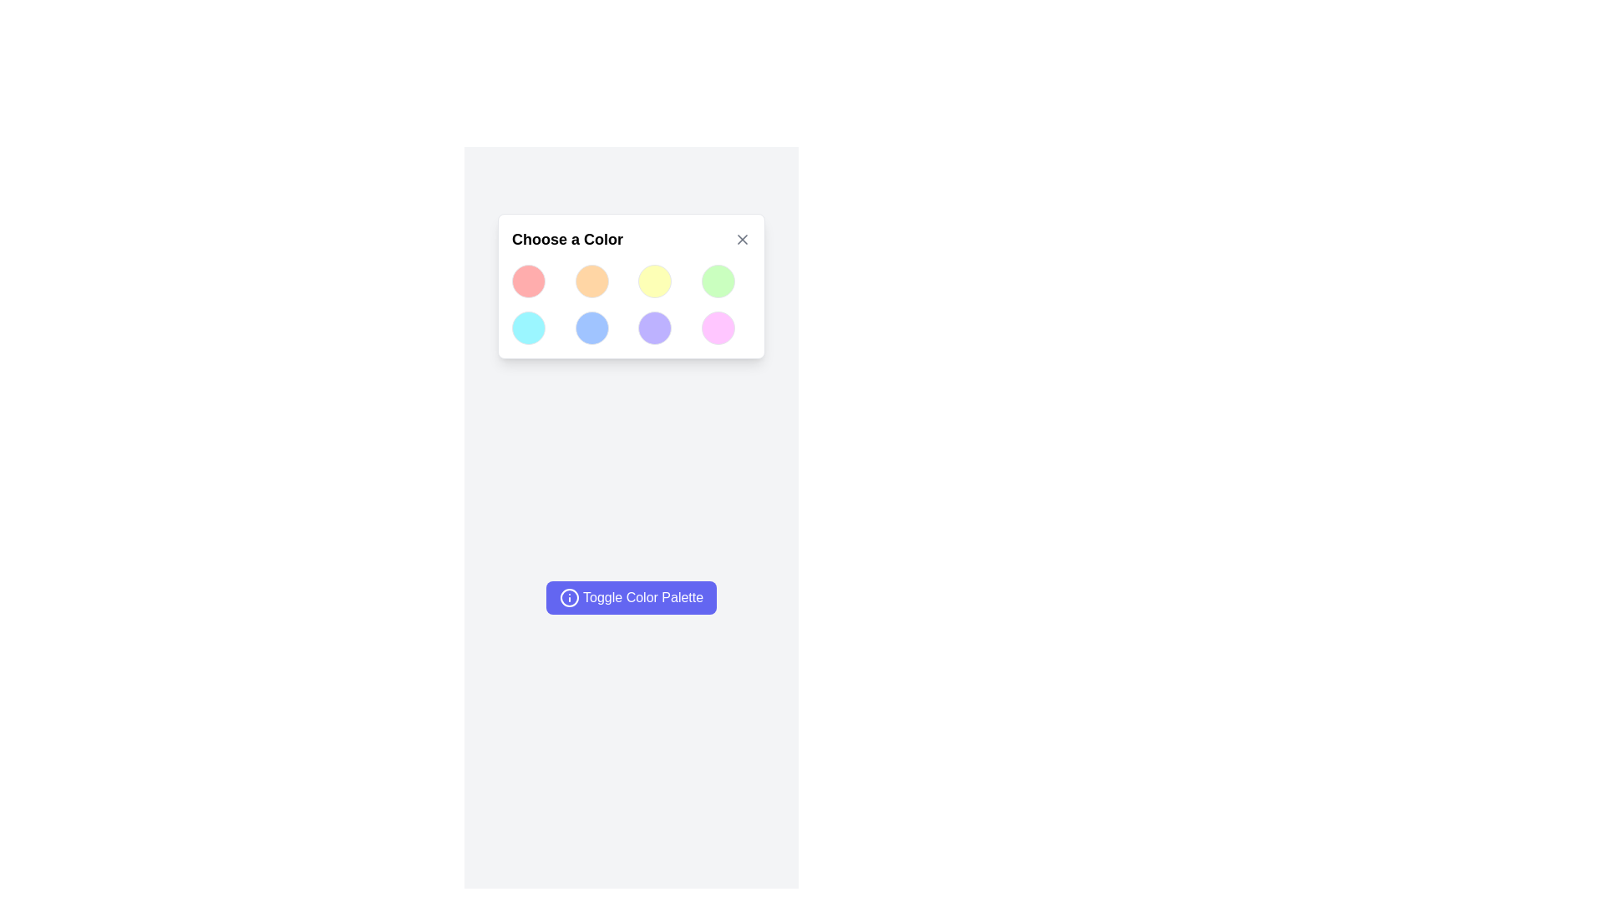 This screenshot has height=902, width=1604. I want to click on the 'X' mark icon in the top-right corner of the color selection interface, next to the title 'Choose a Color', so click(741, 239).